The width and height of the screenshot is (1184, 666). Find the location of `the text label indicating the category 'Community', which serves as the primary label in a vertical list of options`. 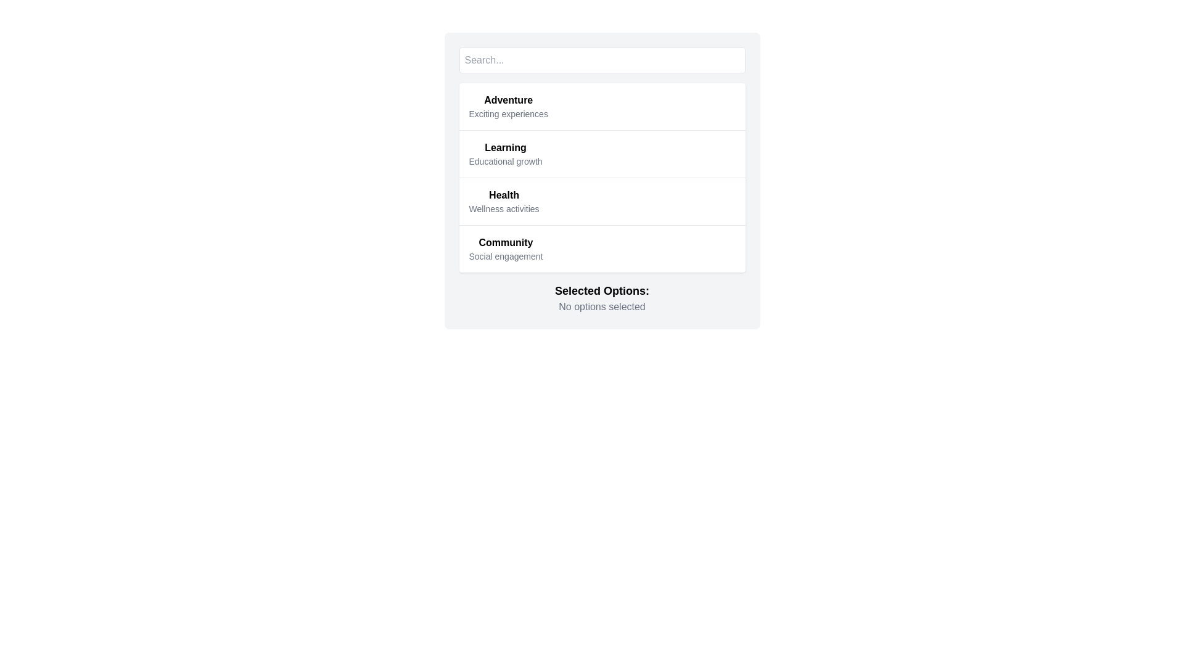

the text label indicating the category 'Community', which serves as the primary label in a vertical list of options is located at coordinates (506, 242).